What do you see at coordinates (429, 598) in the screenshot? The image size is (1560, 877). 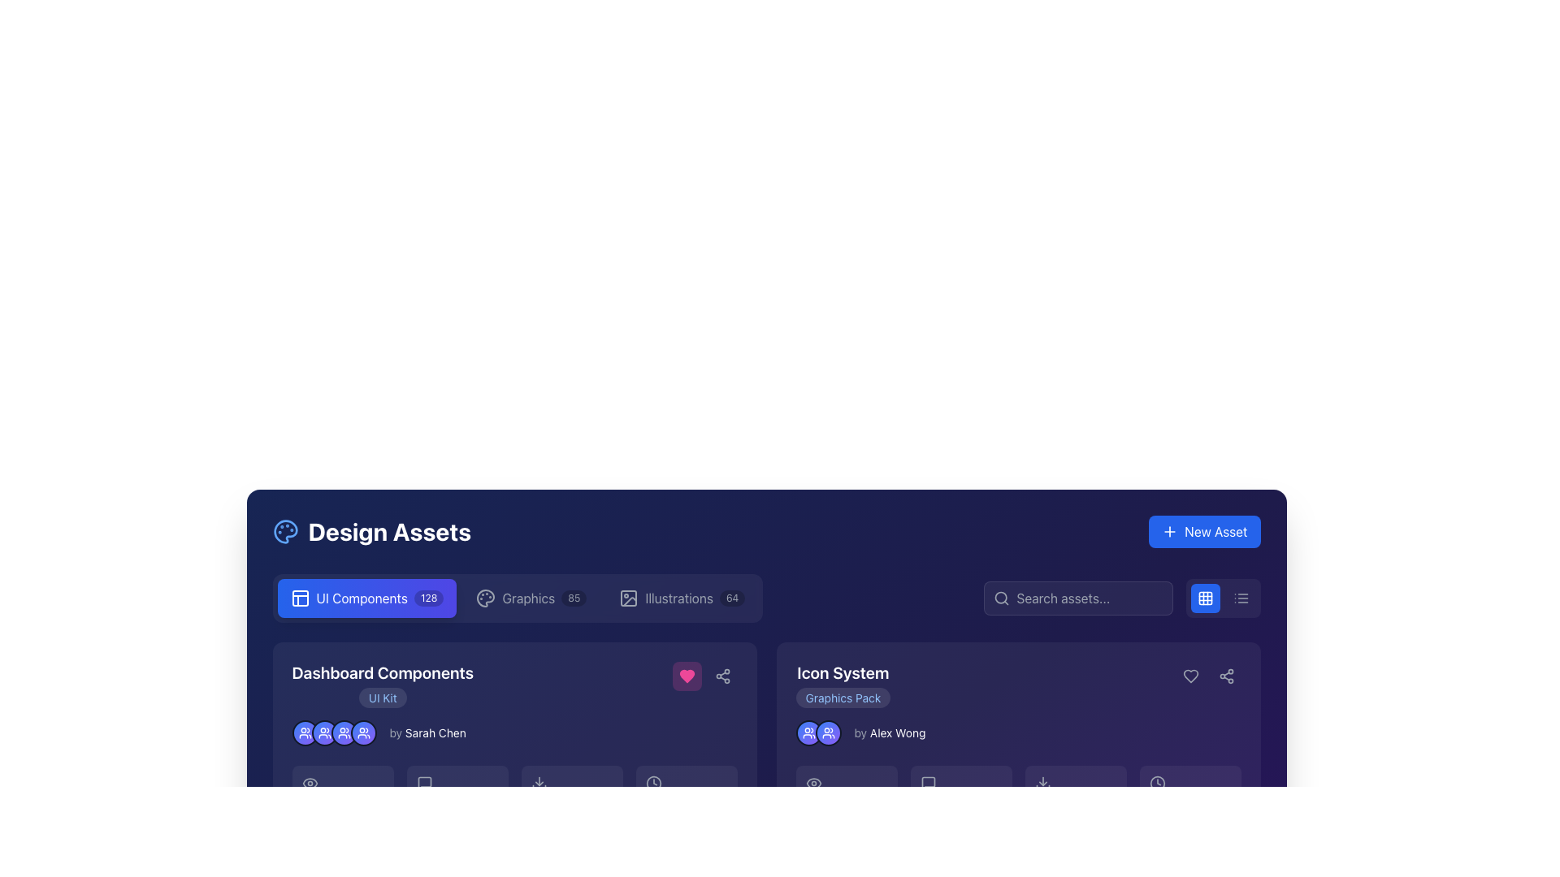 I see `the informational badge indicating the count of items related to the 'UI Components' section, positioned adjacent to the 'UI Components' text on the top navigation bar` at bounding box center [429, 598].